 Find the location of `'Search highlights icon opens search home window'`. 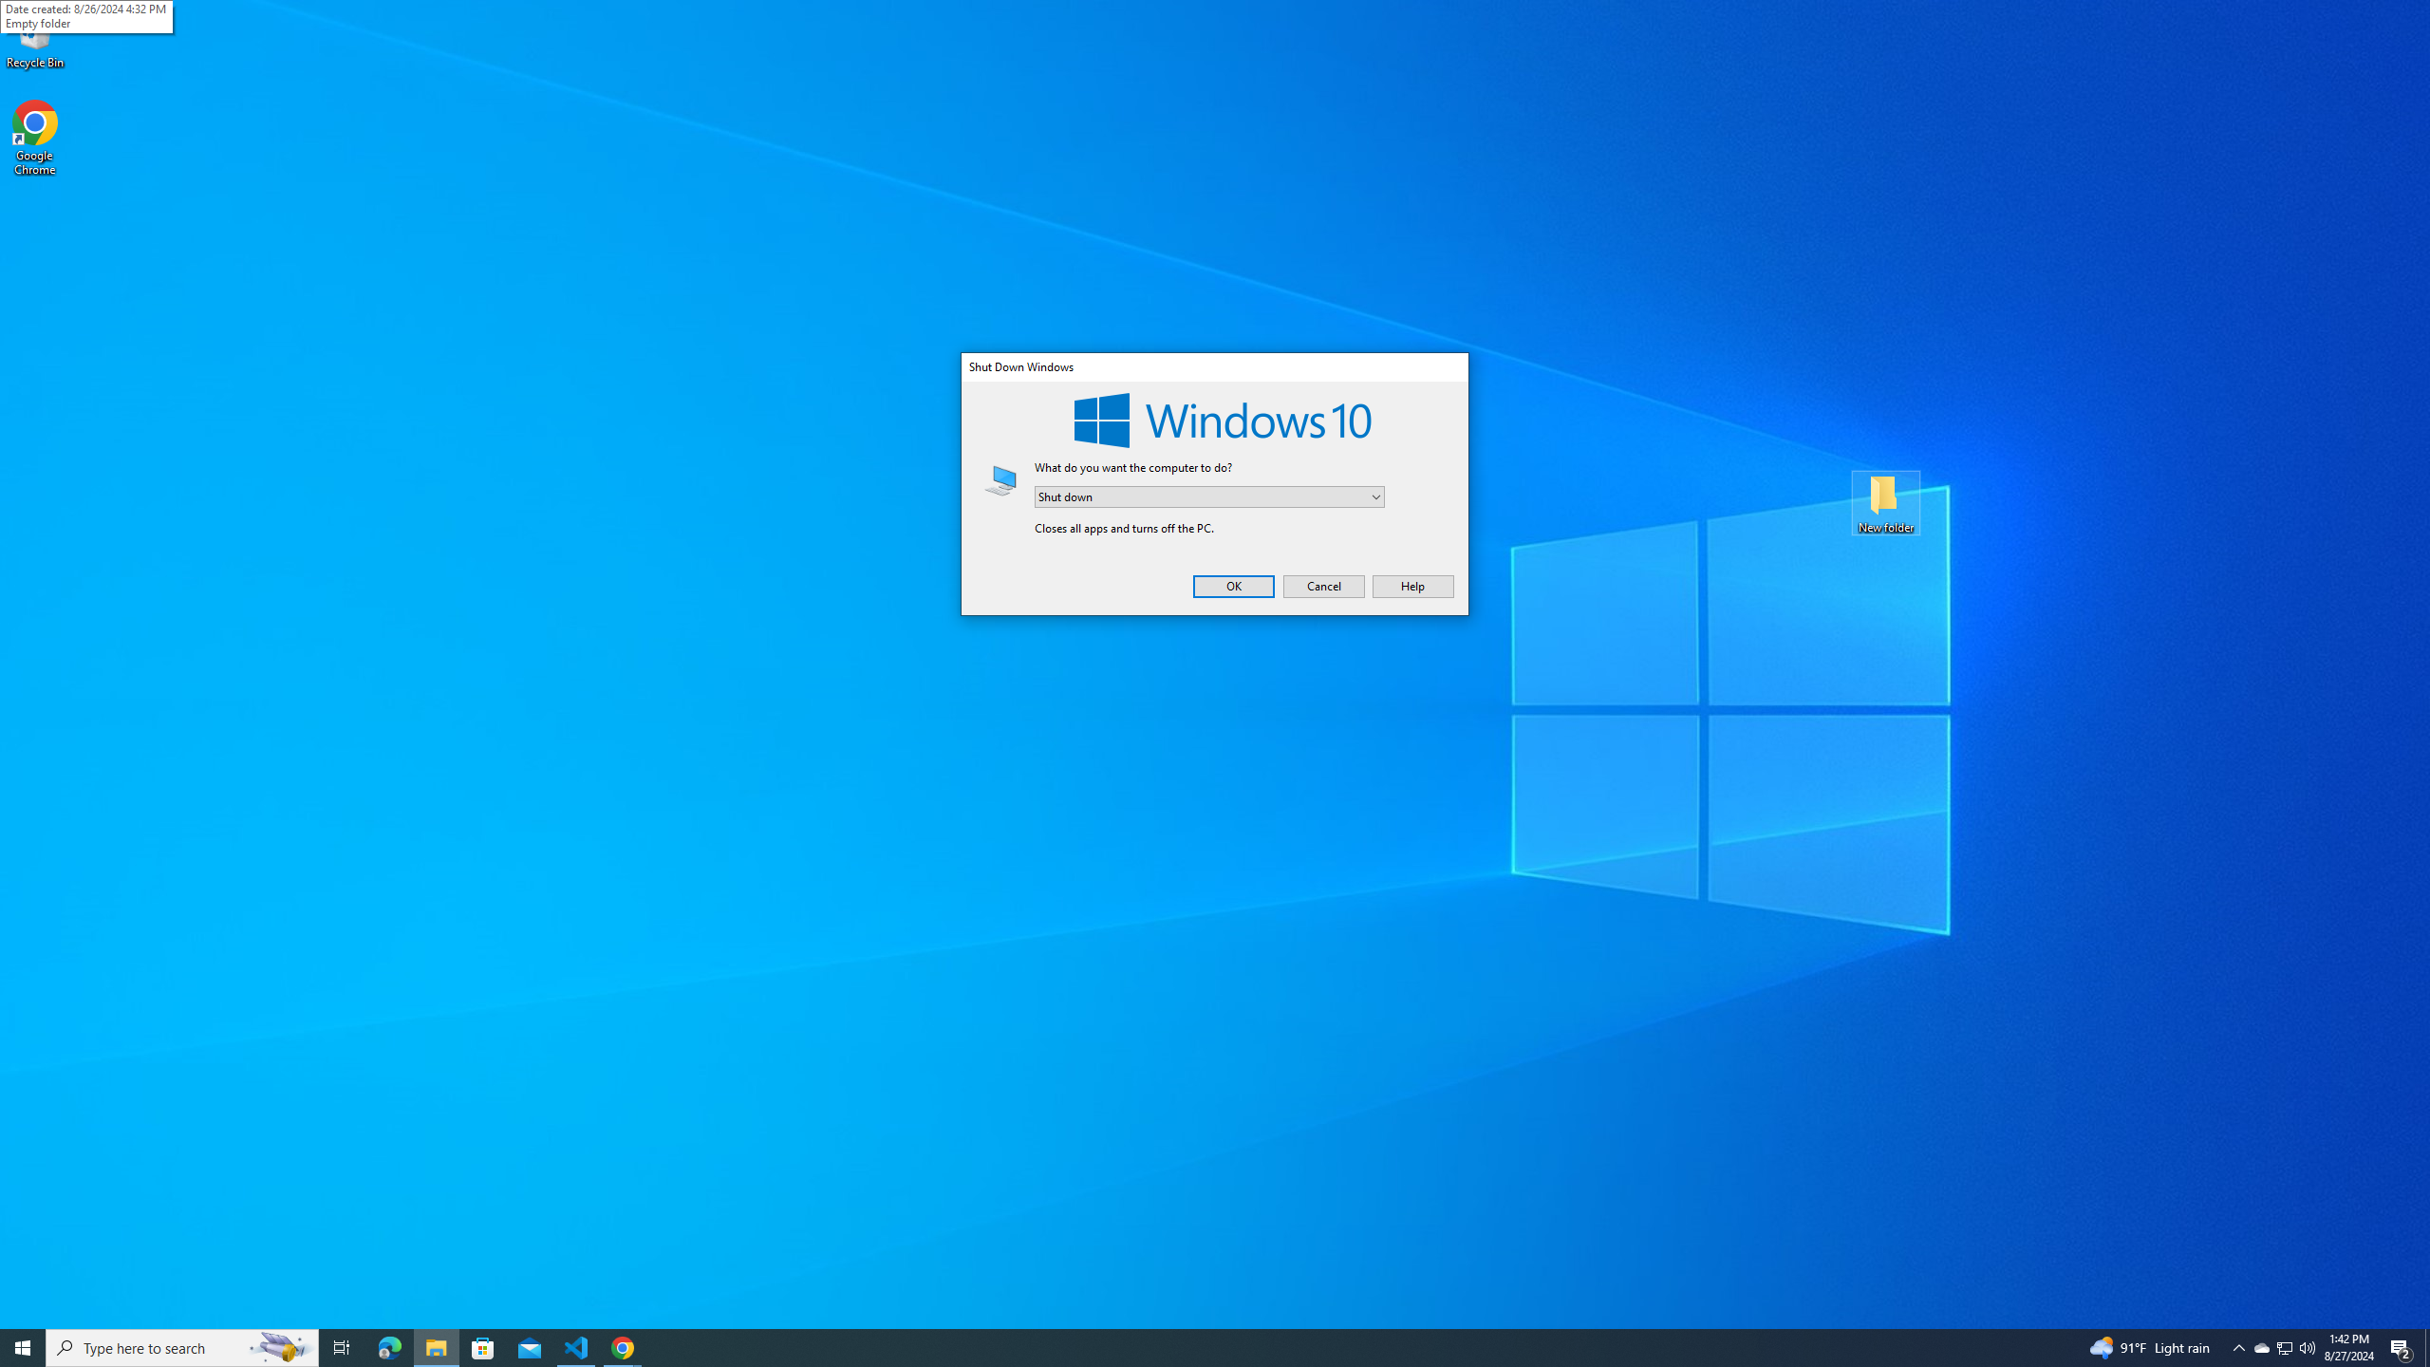

'Search highlights icon opens search home window' is located at coordinates (279, 1346).